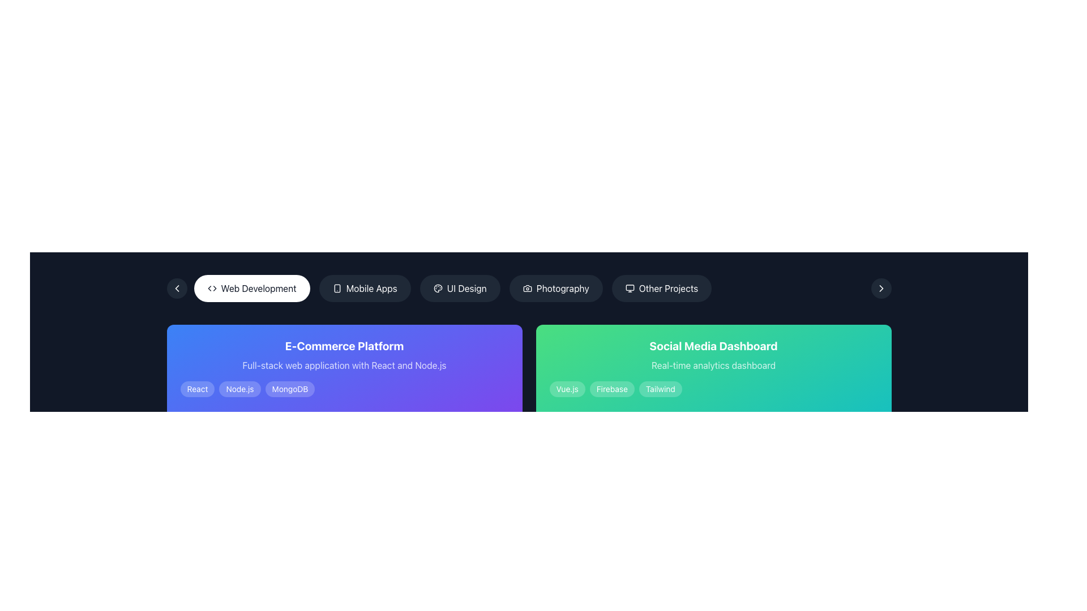 This screenshot has width=1087, height=611. Describe the element at coordinates (371, 287) in the screenshot. I see `the text label within the navigation button that serves to redirect or filter content related to mobile app projects, positioned to the right of the 'Web Development' button` at that location.